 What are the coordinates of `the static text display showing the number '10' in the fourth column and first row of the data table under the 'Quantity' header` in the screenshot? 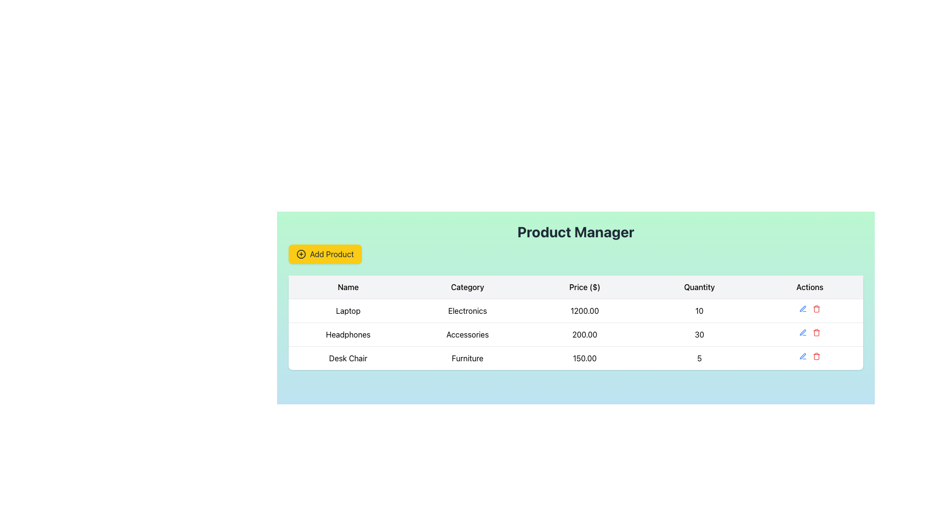 It's located at (699, 310).